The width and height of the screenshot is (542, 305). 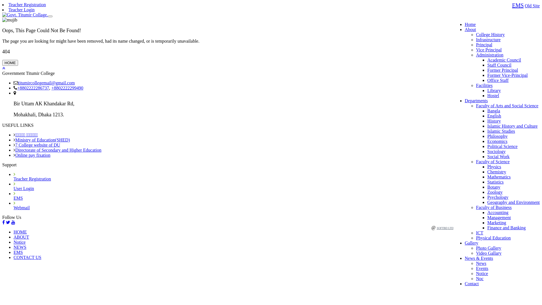 I want to click on 'Bangla', so click(x=493, y=111).